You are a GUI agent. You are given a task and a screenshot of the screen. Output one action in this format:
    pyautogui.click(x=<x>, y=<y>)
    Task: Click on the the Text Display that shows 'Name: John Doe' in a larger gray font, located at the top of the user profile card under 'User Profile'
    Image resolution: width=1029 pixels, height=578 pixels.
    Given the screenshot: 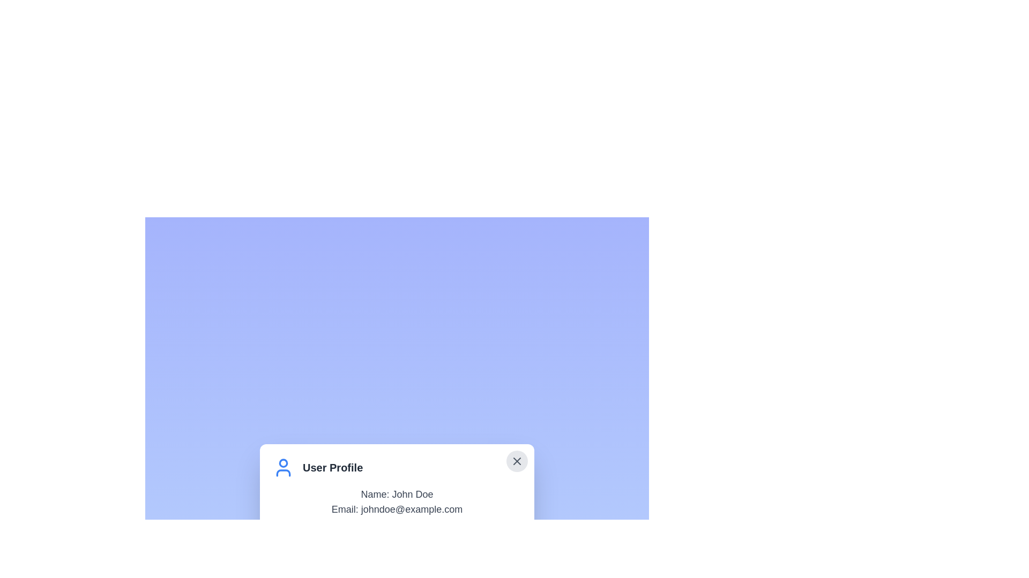 What is the action you would take?
    pyautogui.click(x=396, y=495)
    